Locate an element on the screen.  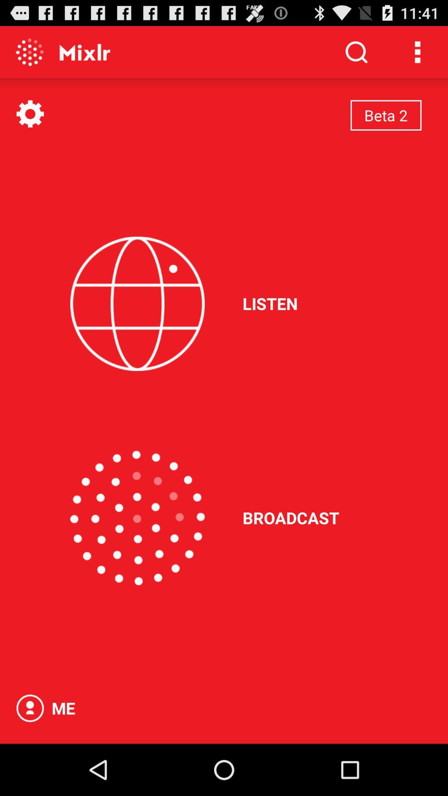
me is located at coordinates (29, 708).